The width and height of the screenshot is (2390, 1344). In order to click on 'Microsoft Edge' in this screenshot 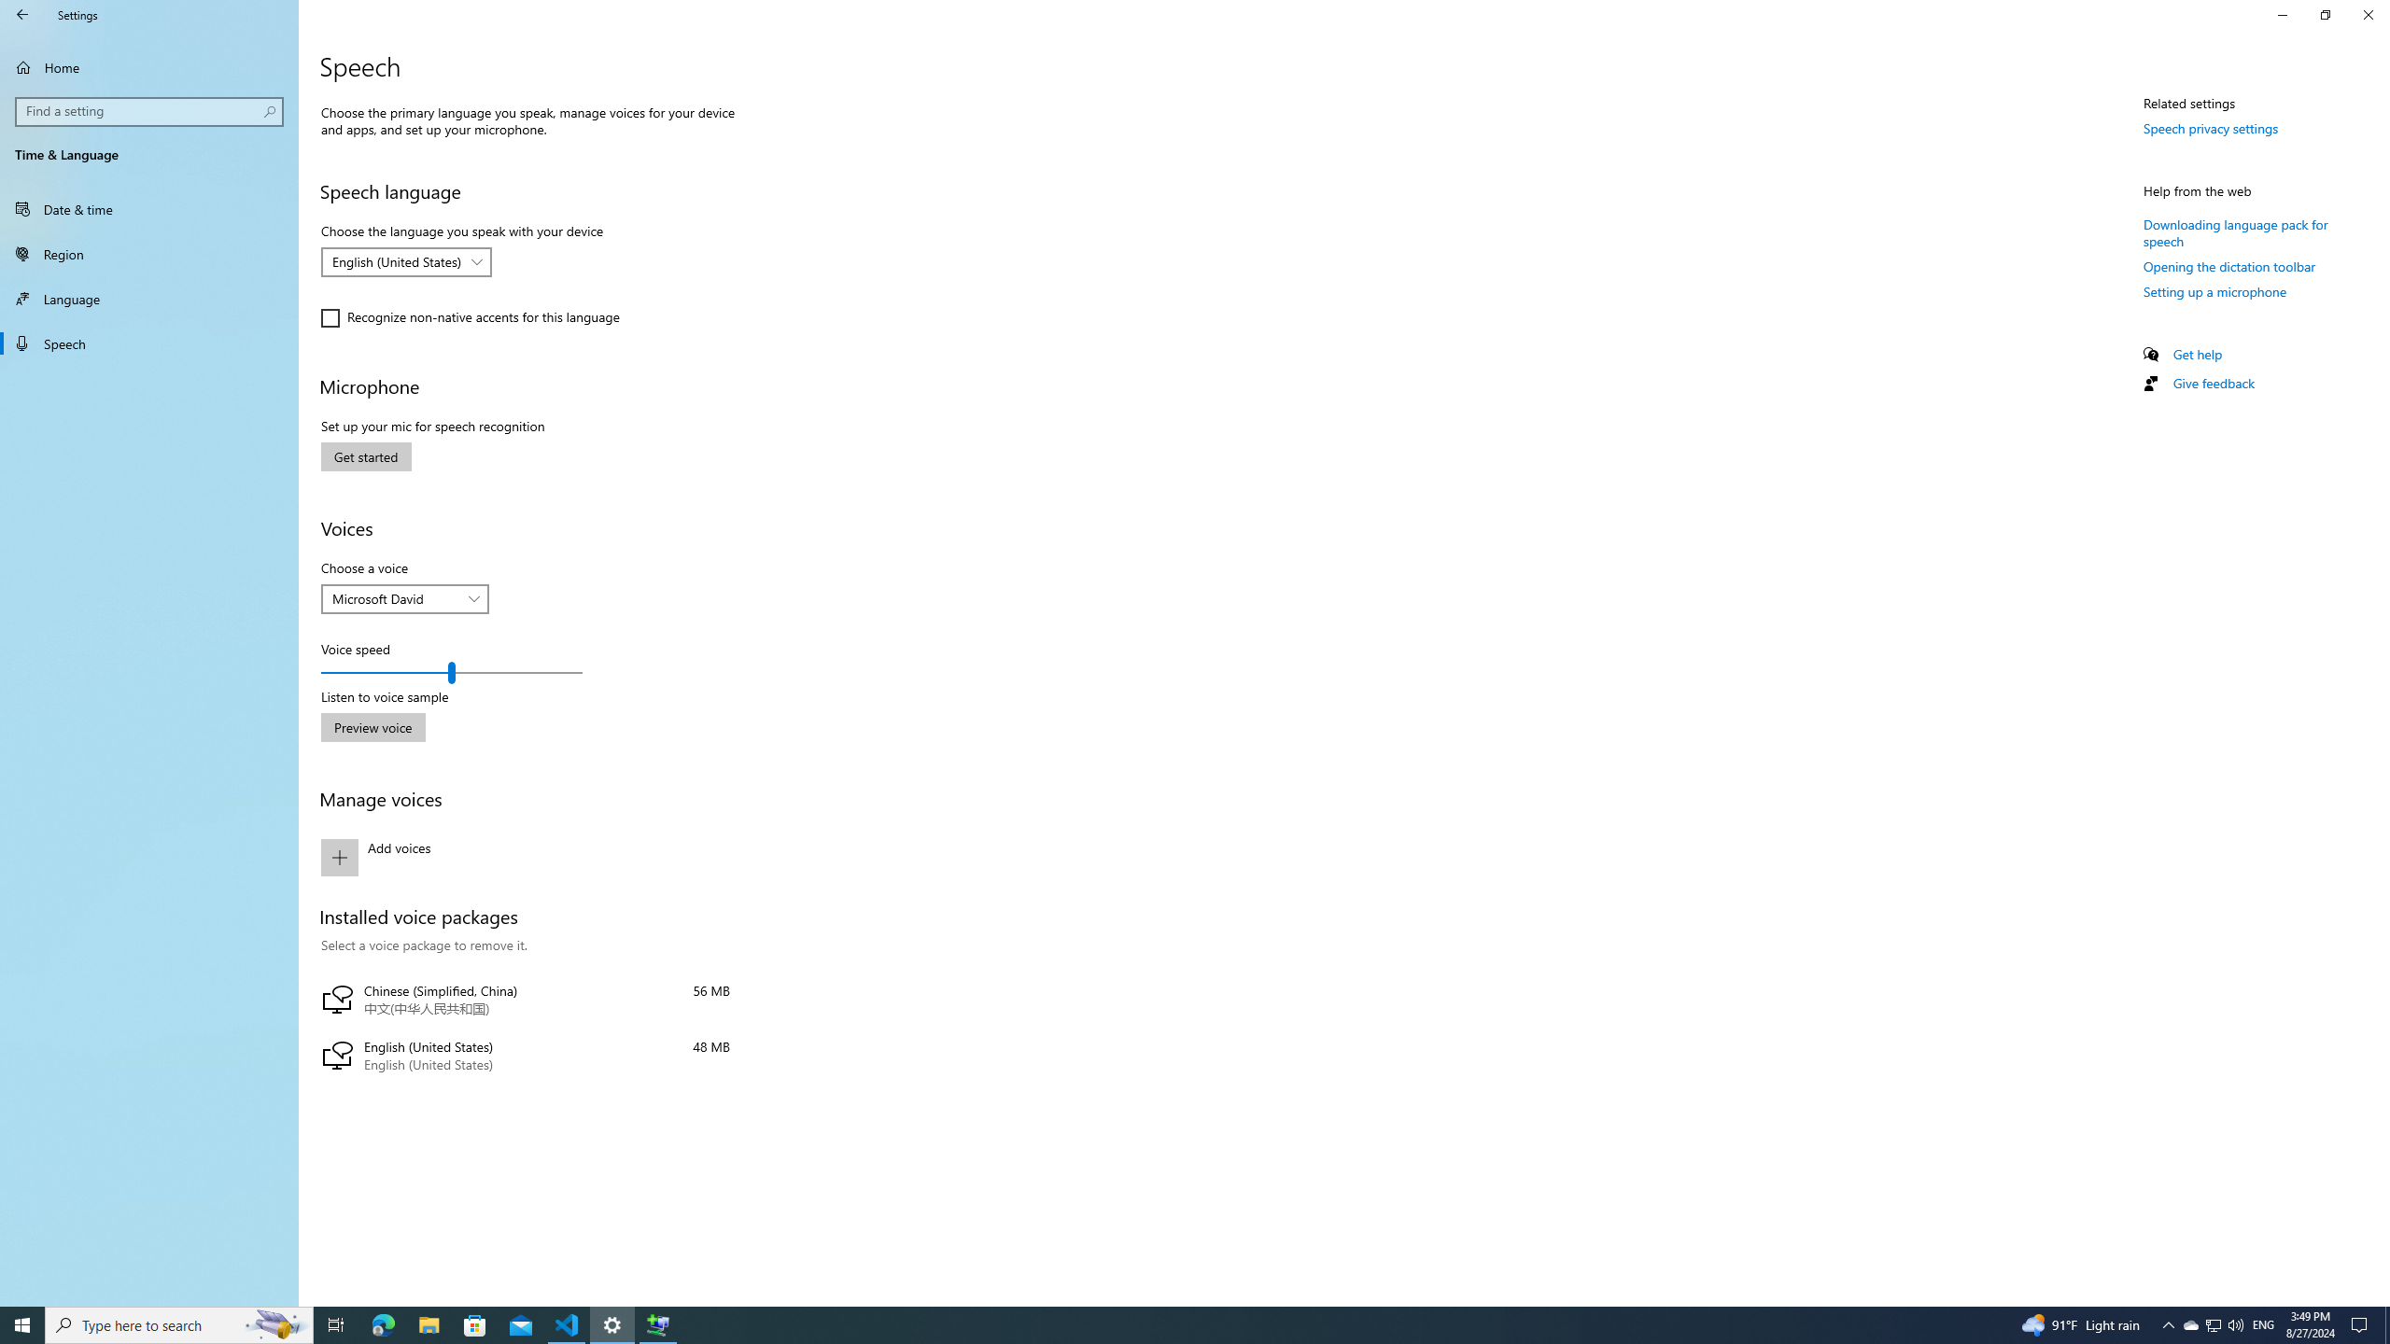, I will do `click(382, 1323)`.